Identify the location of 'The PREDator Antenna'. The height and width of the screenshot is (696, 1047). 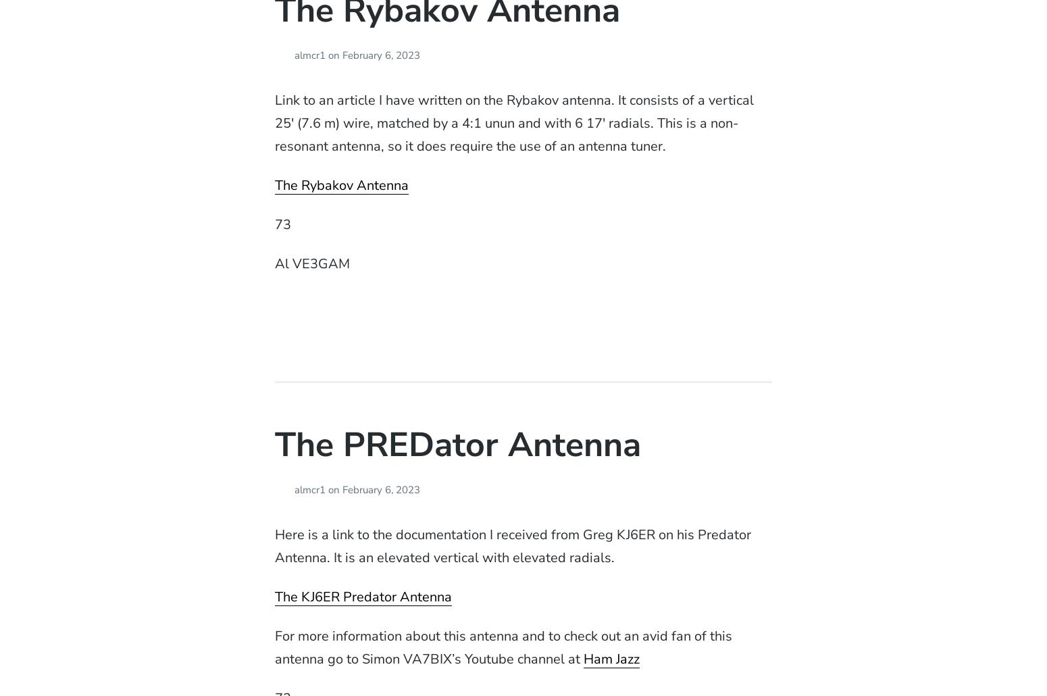
(457, 443).